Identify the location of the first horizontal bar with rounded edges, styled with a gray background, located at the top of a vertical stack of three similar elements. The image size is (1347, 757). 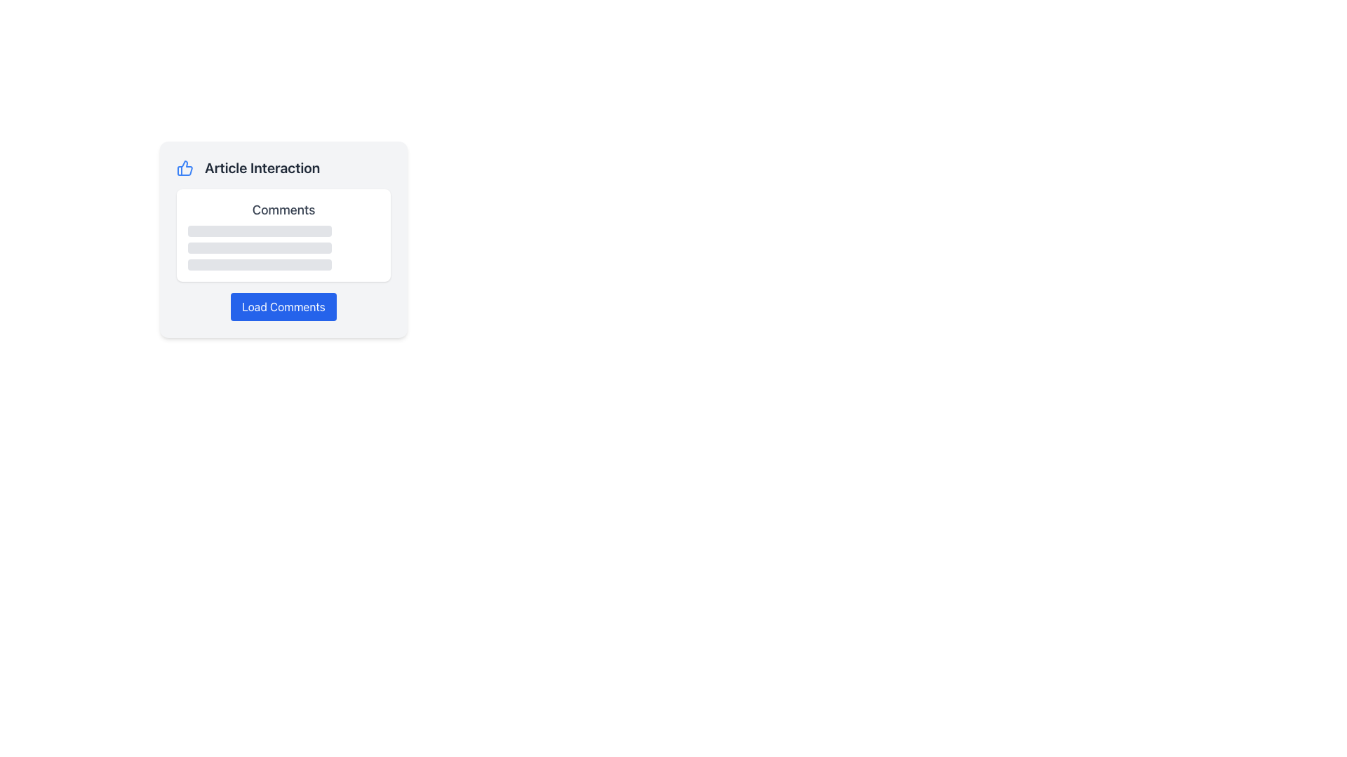
(260, 231).